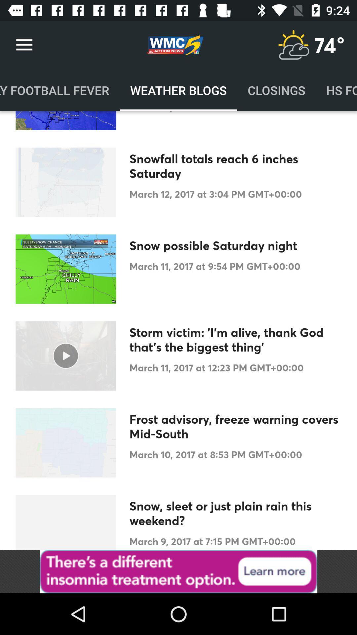  I want to click on weather, so click(293, 45).